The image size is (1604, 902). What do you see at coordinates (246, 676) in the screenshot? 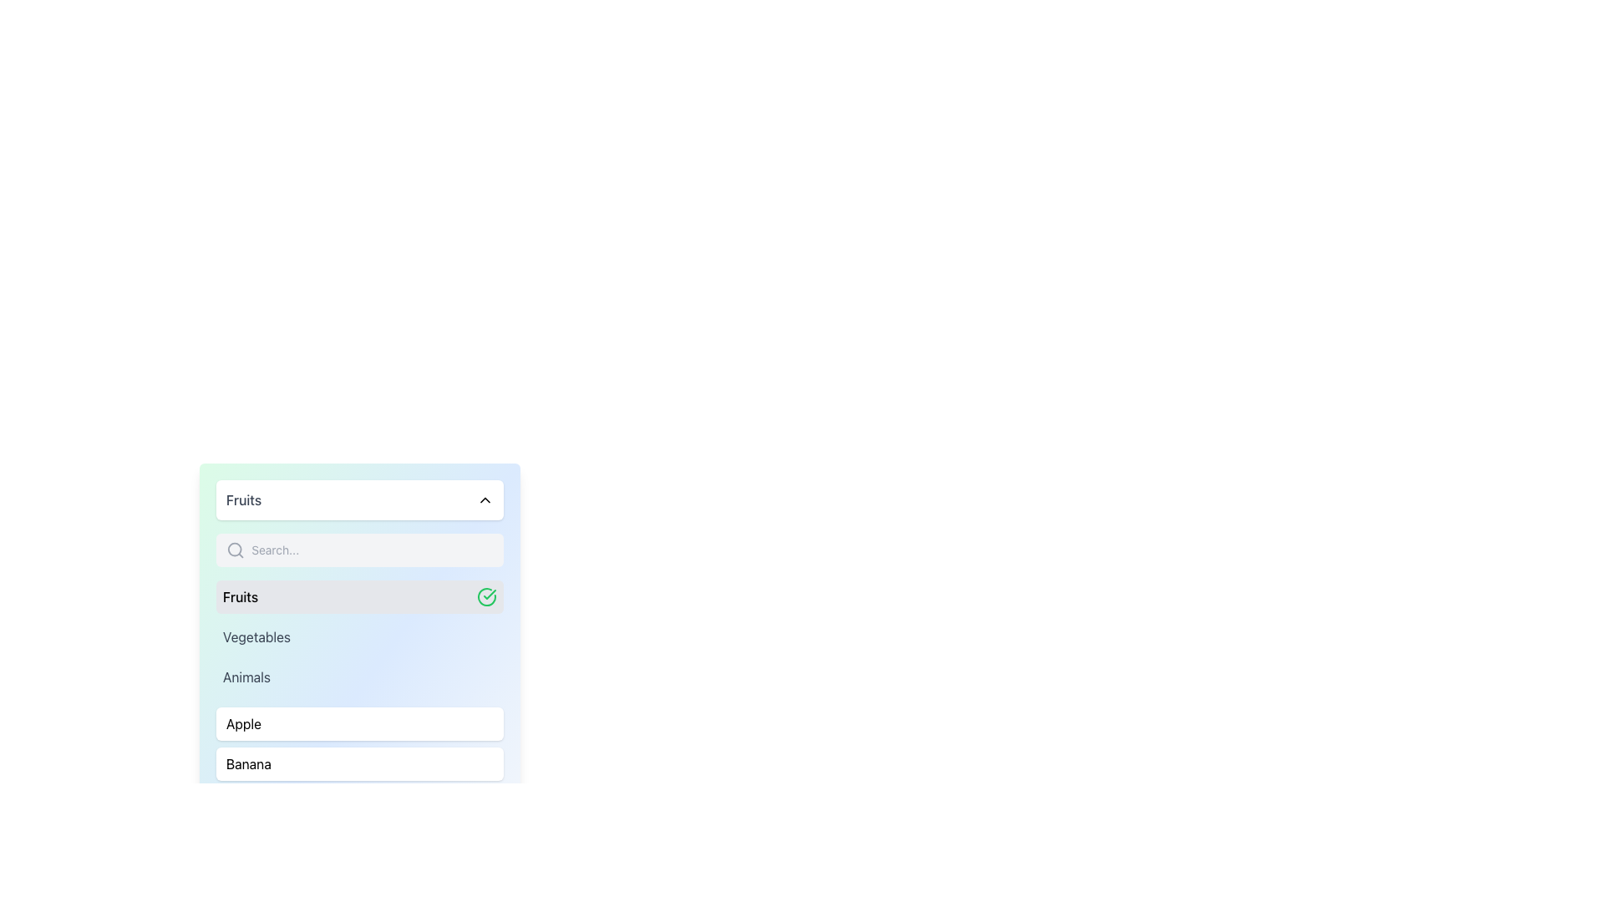
I see `the 'Animals' text label located in the vertical list between 'Vegetables' and 'Apple'` at bounding box center [246, 676].